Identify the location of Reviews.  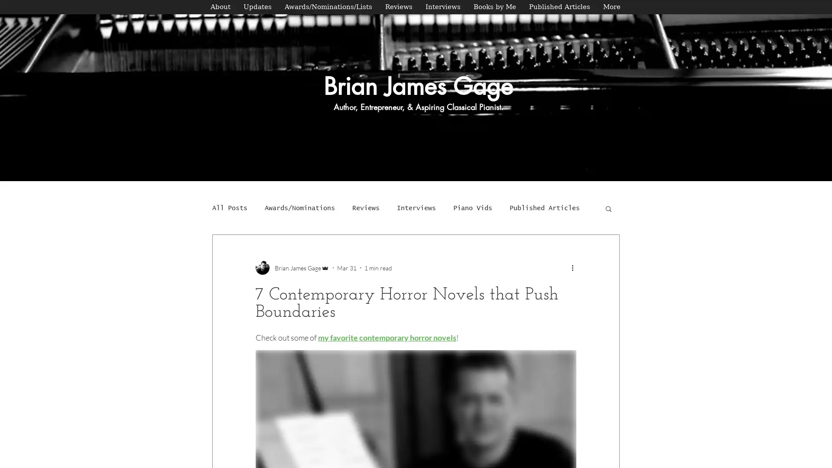
(366, 208).